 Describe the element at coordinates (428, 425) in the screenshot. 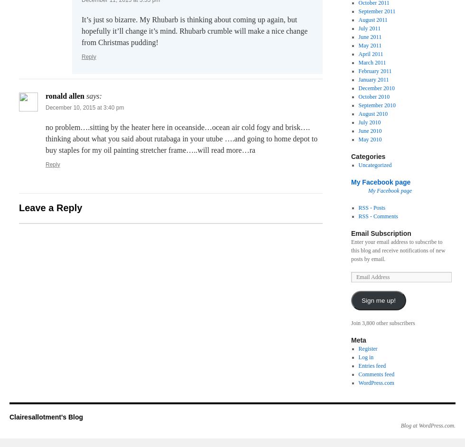

I see `'Blog at WordPress.com.'` at that location.